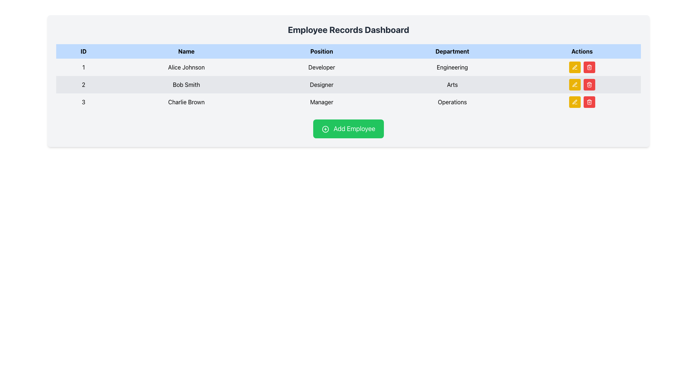  What do you see at coordinates (325, 129) in the screenshot?
I see `the decorative icon located to the left of the 'Add Employee' button's text within the green button at the bottom of the interface` at bounding box center [325, 129].